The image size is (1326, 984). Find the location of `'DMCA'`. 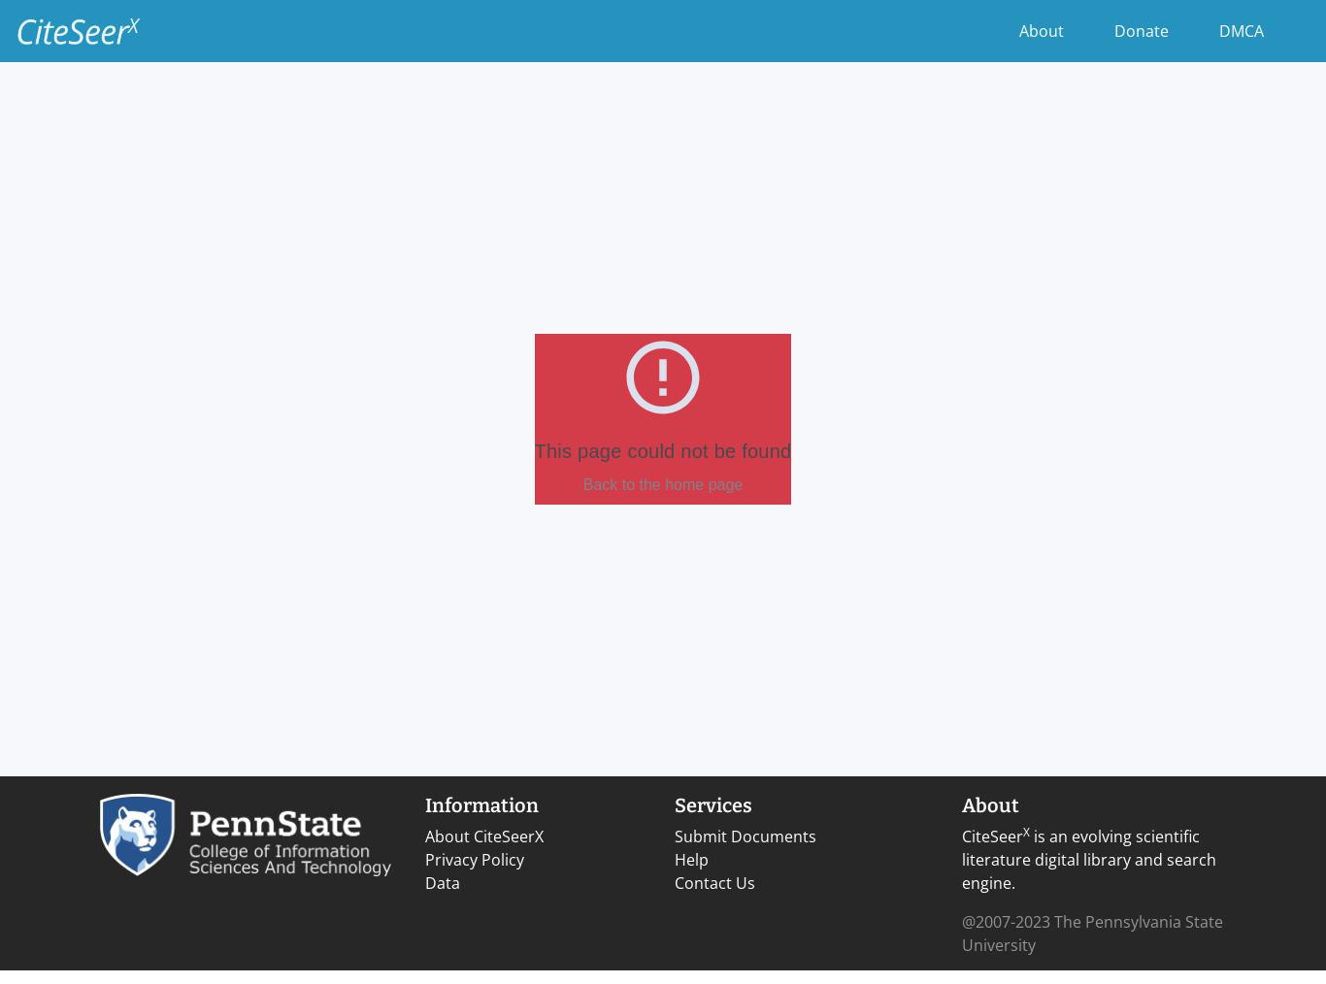

'DMCA' is located at coordinates (1240, 30).